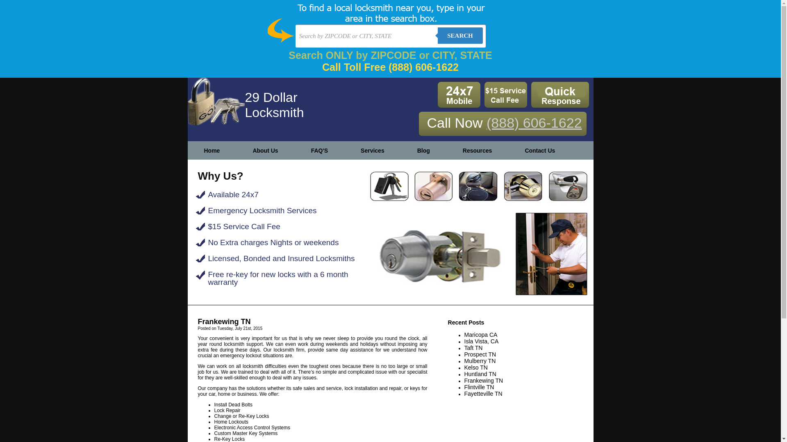 The width and height of the screenshot is (787, 442). Describe the element at coordinates (480, 361) in the screenshot. I see `'Mulberry TN'` at that location.